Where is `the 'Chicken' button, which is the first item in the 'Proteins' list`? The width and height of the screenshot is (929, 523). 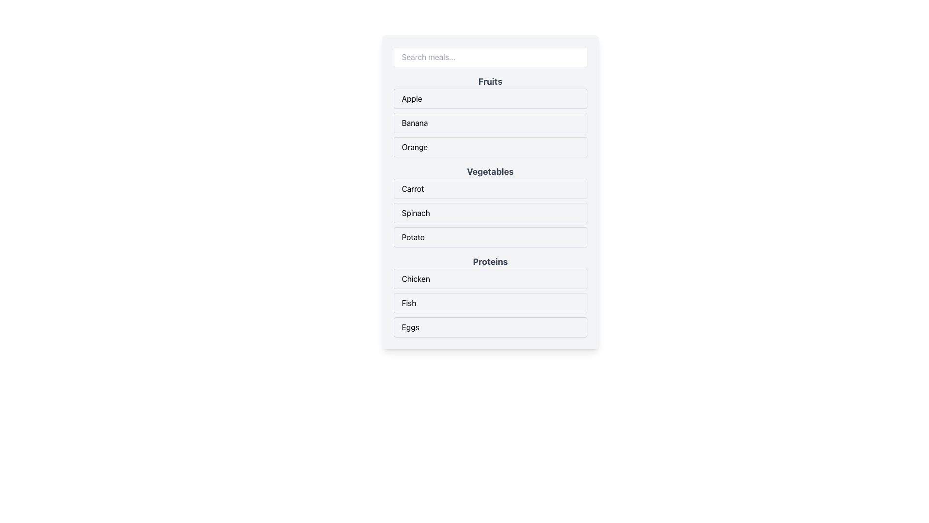
the 'Chicken' button, which is the first item in the 'Proteins' list is located at coordinates (490, 278).